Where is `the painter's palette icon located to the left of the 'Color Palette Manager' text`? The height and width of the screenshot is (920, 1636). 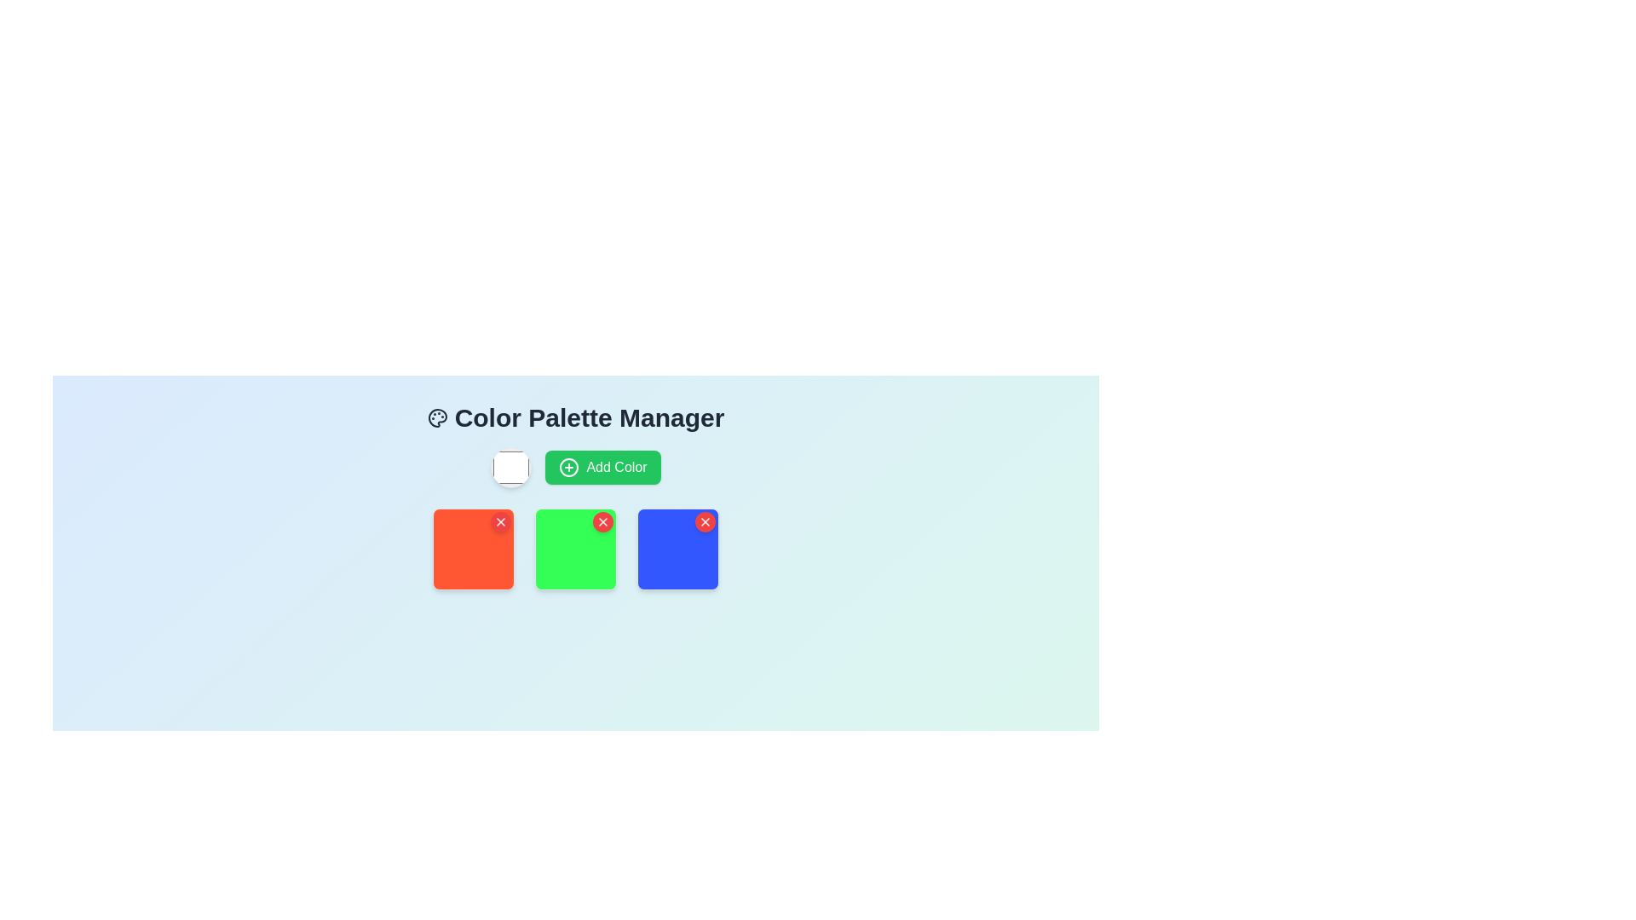 the painter's palette icon located to the left of the 'Color Palette Manager' text is located at coordinates (437, 417).